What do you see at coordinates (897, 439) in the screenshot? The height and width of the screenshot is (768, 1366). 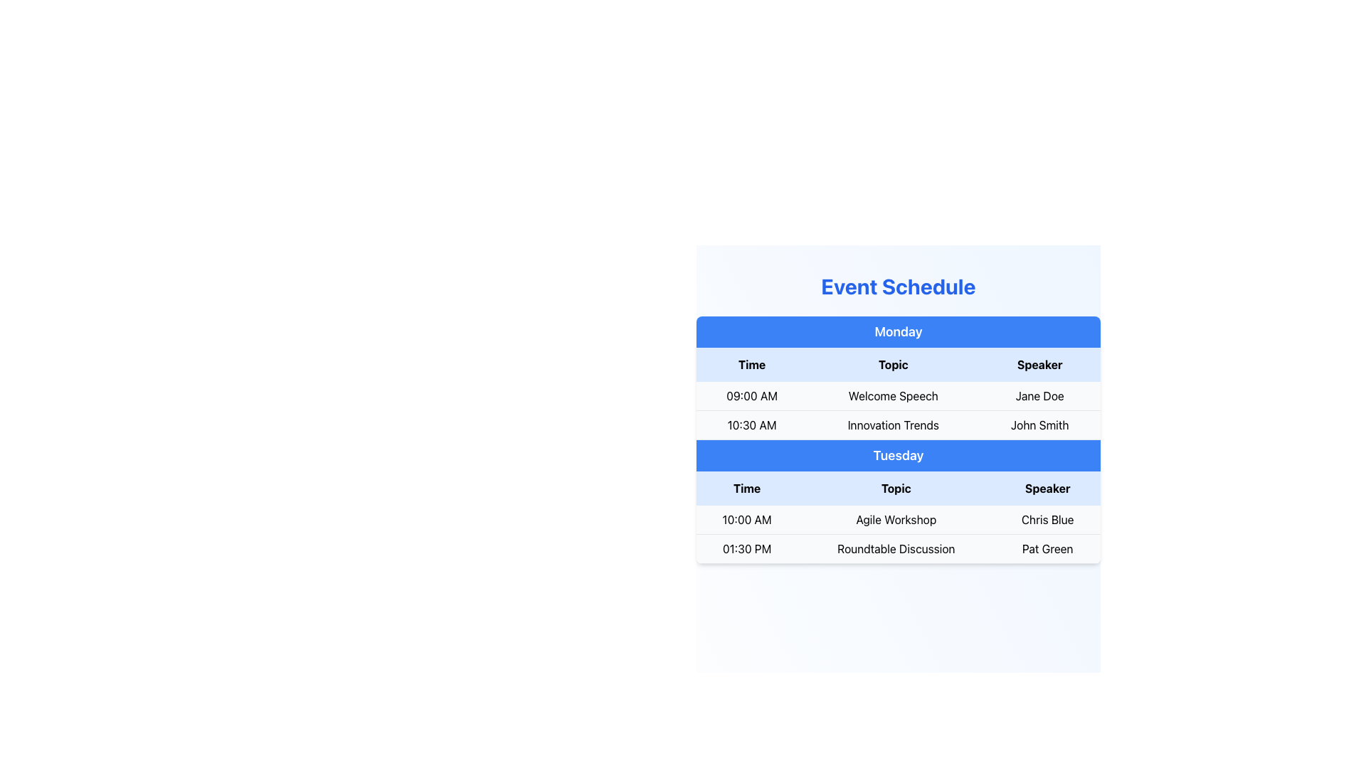 I see `the event schedule table located centrally below the 'Event Schedule' header` at bounding box center [897, 439].